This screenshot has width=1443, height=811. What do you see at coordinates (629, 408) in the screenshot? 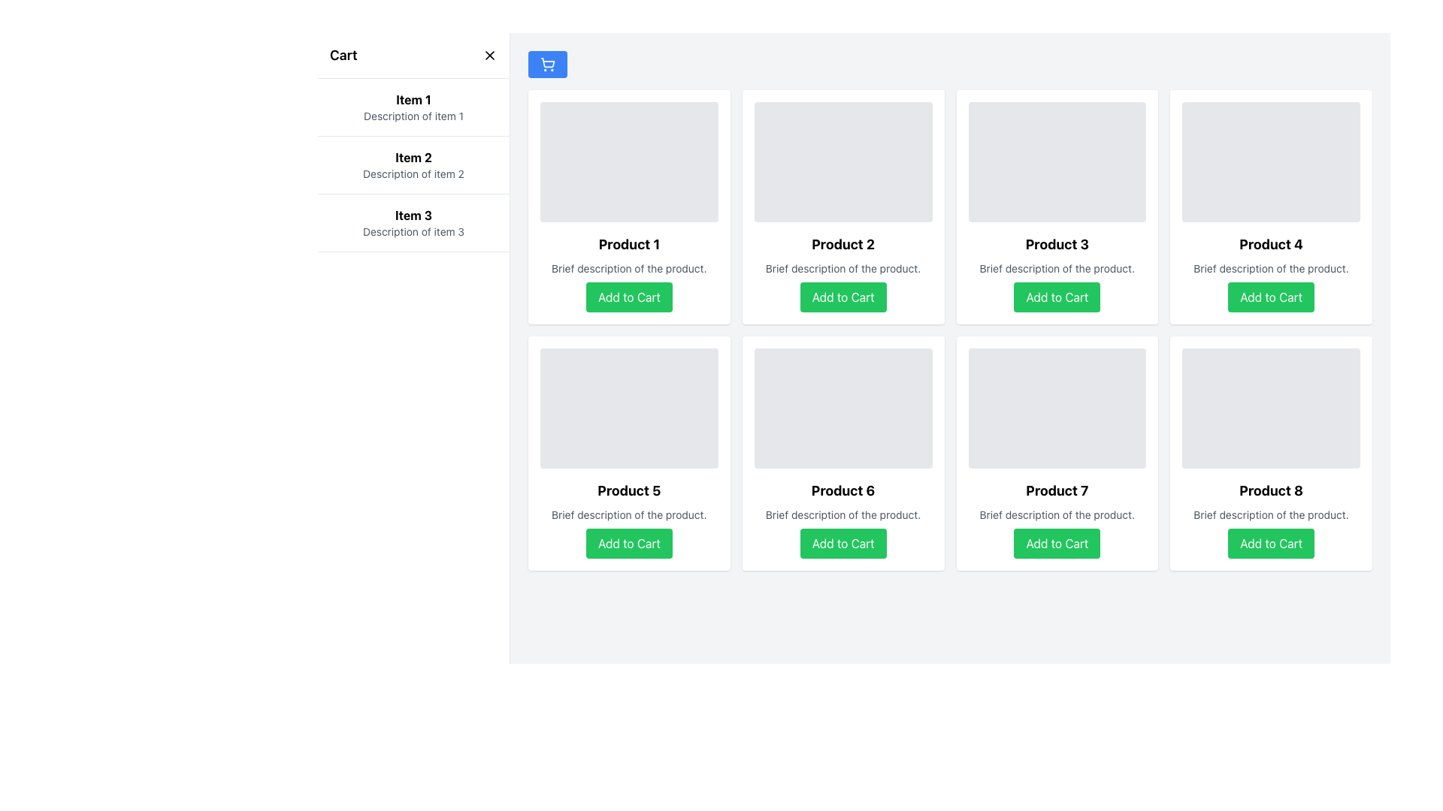
I see `the image placeholder located at the top of the 'Product 5' card, which serves as a representation for the product` at bounding box center [629, 408].